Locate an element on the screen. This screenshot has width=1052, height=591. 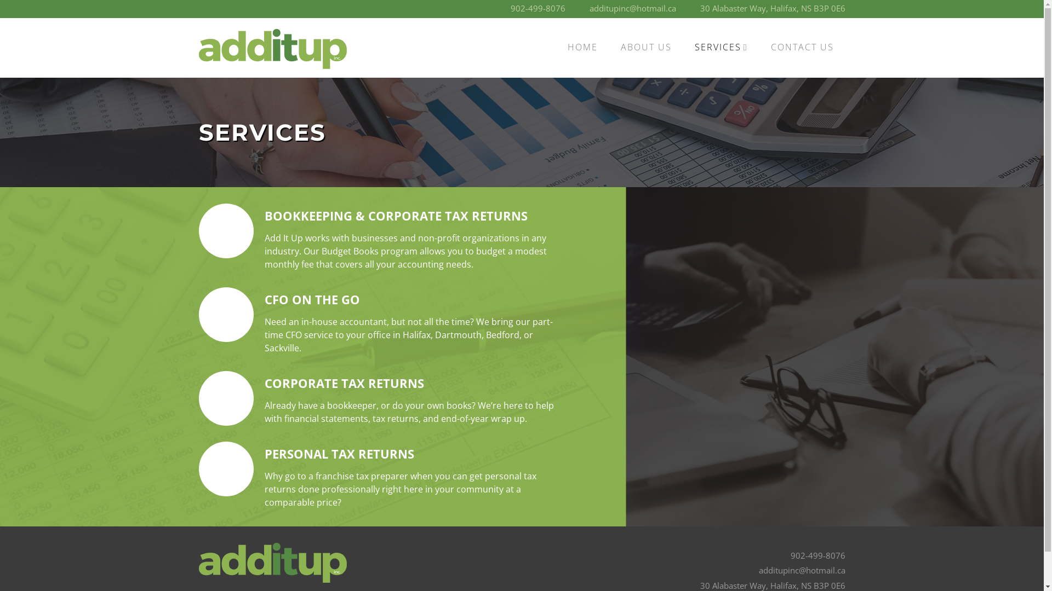
'CONTACT US' is located at coordinates (802, 47).